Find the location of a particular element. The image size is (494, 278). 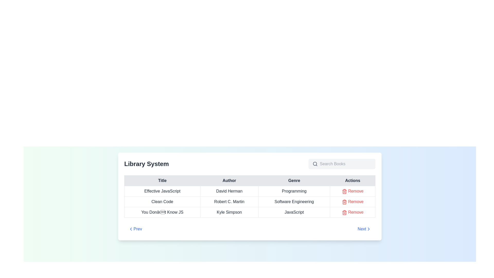

the graphical arrow icon located to the right of the 'Next' button in the pagination control is located at coordinates (368, 229).